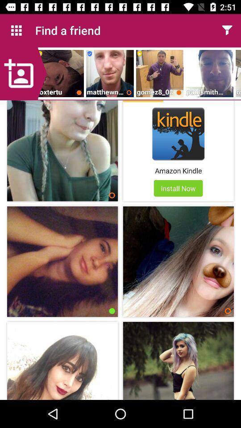 The height and width of the screenshot is (428, 241). What do you see at coordinates (16, 30) in the screenshot?
I see `the icon next to the find a friend app` at bounding box center [16, 30].